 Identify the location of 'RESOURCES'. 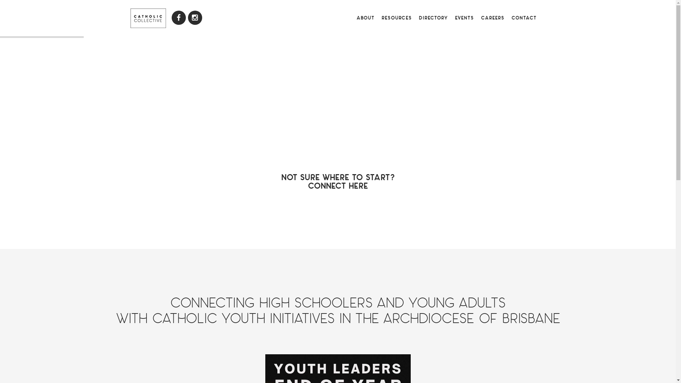
(396, 17).